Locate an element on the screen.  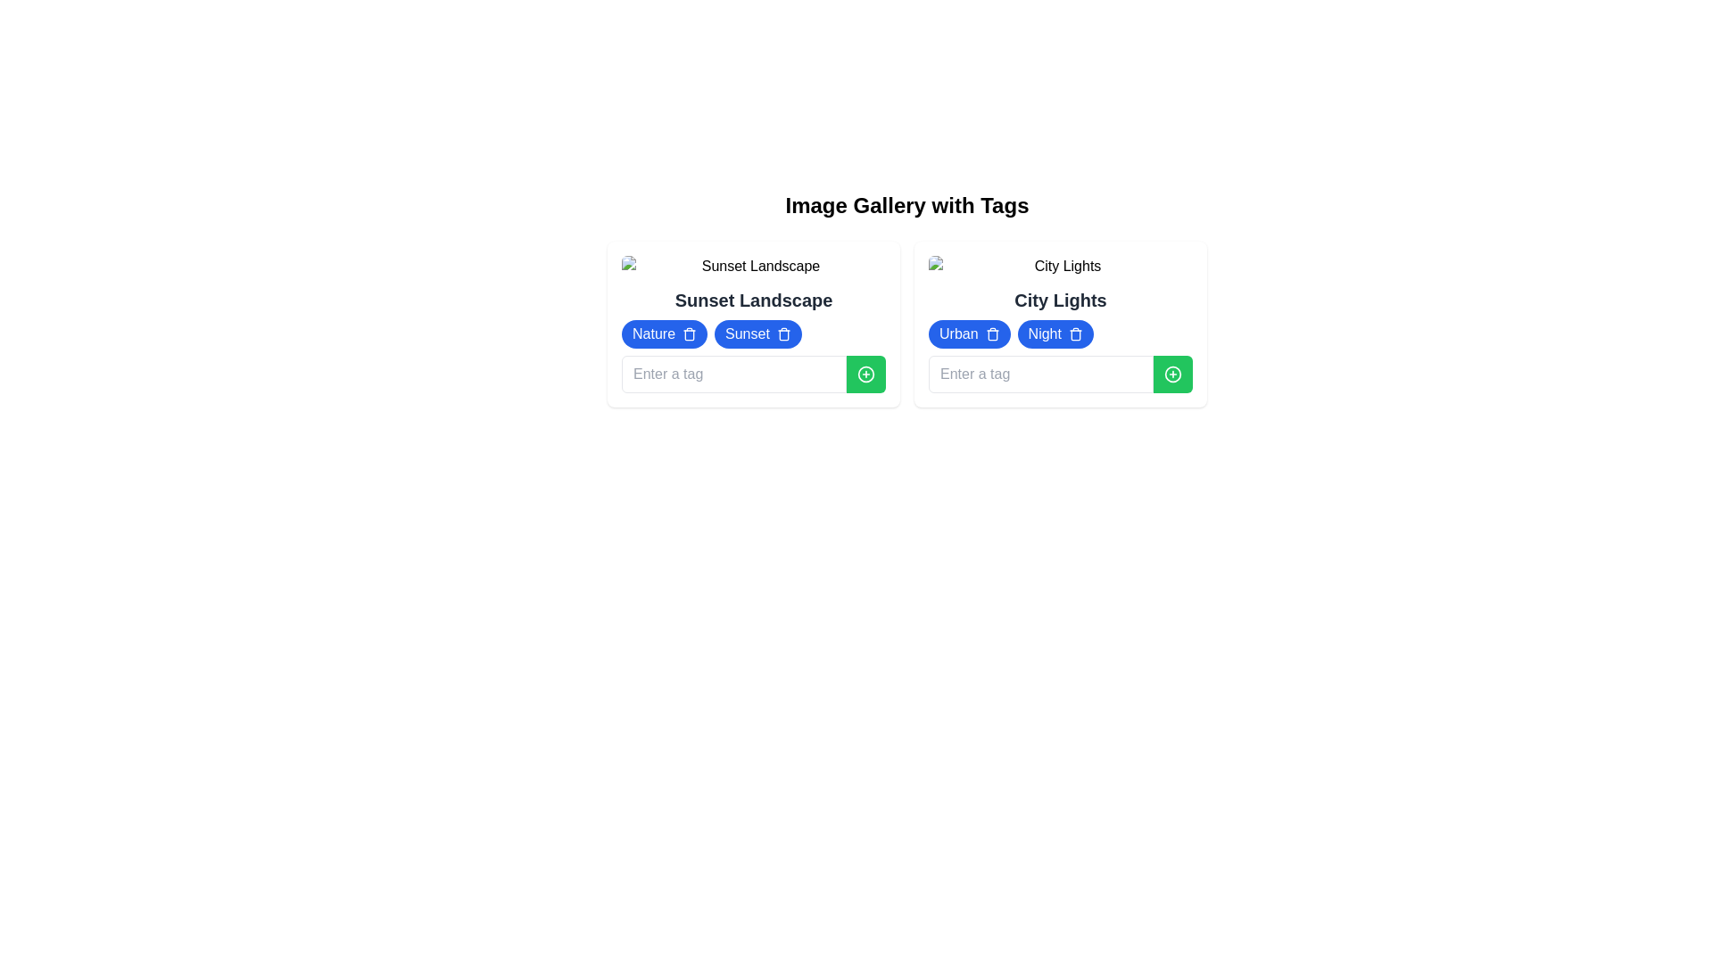
the SVG Circle part of the button icon, which is a decorative component indicating the action to add a new tag or item, located within the first gallery card under the 'Sunset Landscape' section is located at coordinates (865, 374).